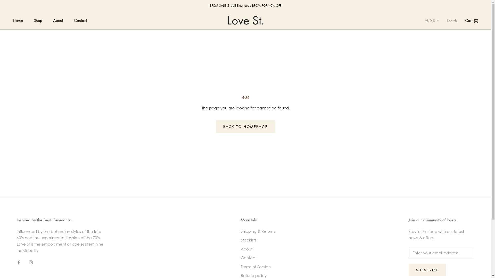 The image size is (495, 278). What do you see at coordinates (440, 194) in the screenshot?
I see `'CHF'` at bounding box center [440, 194].